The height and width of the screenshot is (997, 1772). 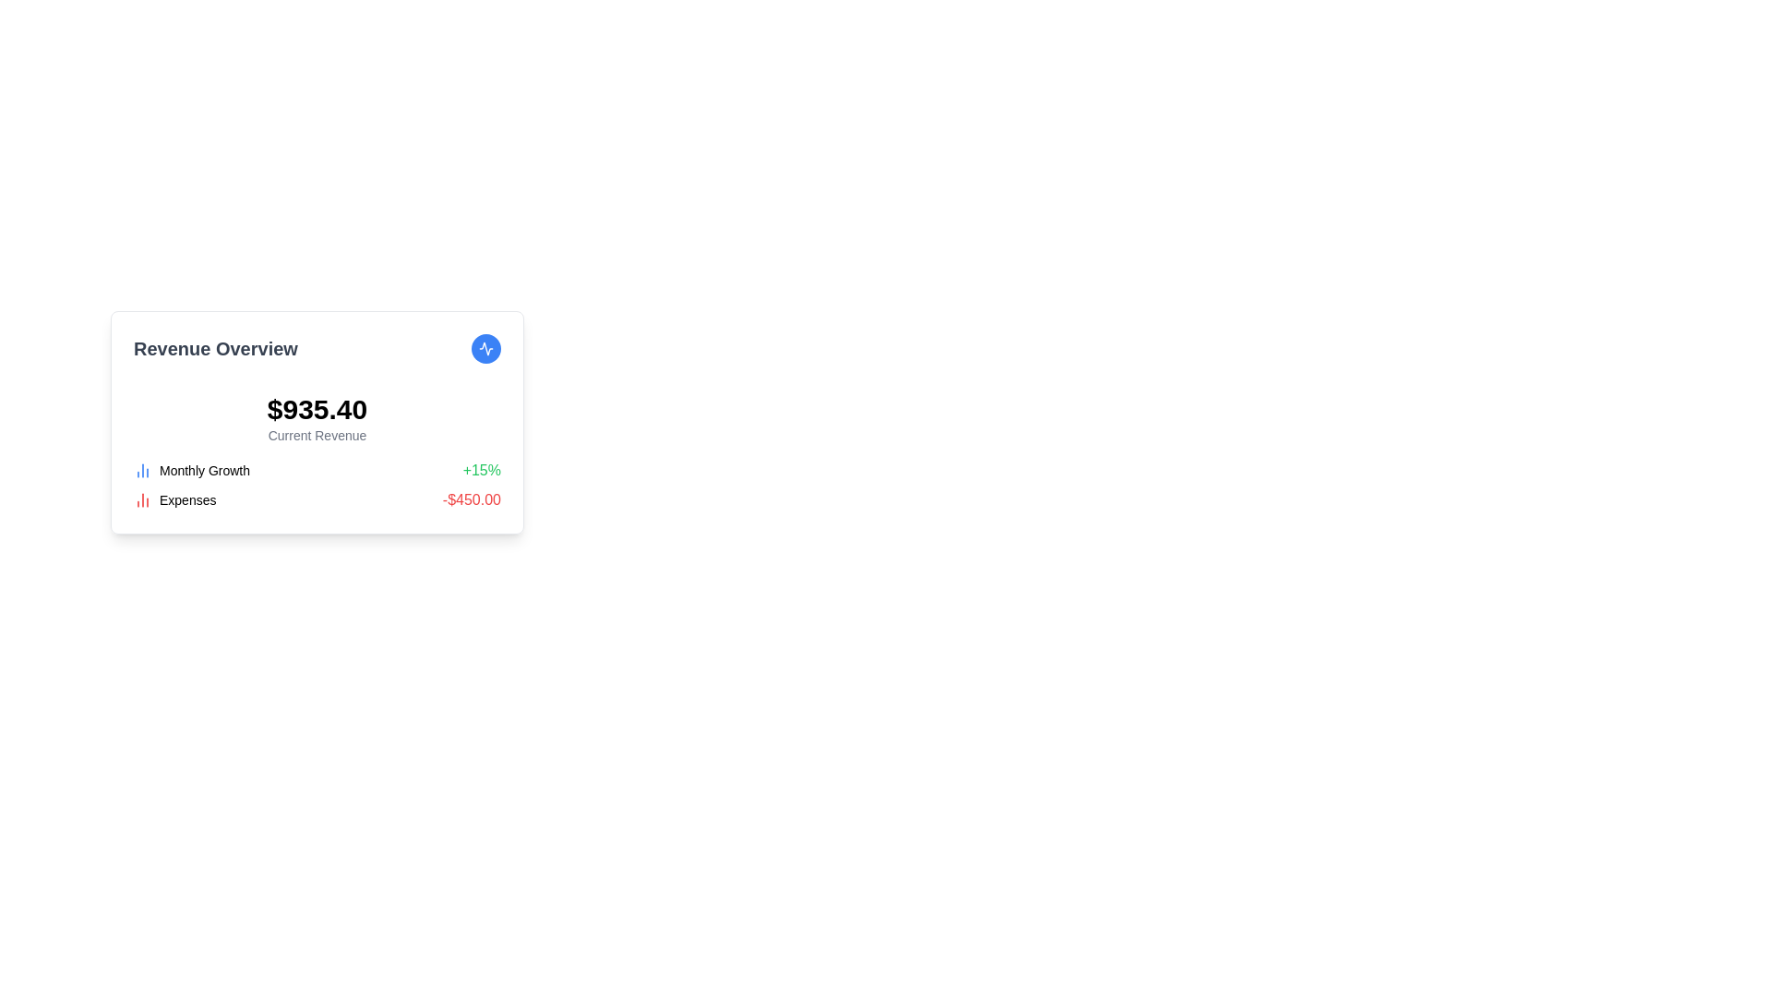 What do you see at coordinates (486, 349) in the screenshot?
I see `the button with an icon in the 'Revenue Overview' section` at bounding box center [486, 349].